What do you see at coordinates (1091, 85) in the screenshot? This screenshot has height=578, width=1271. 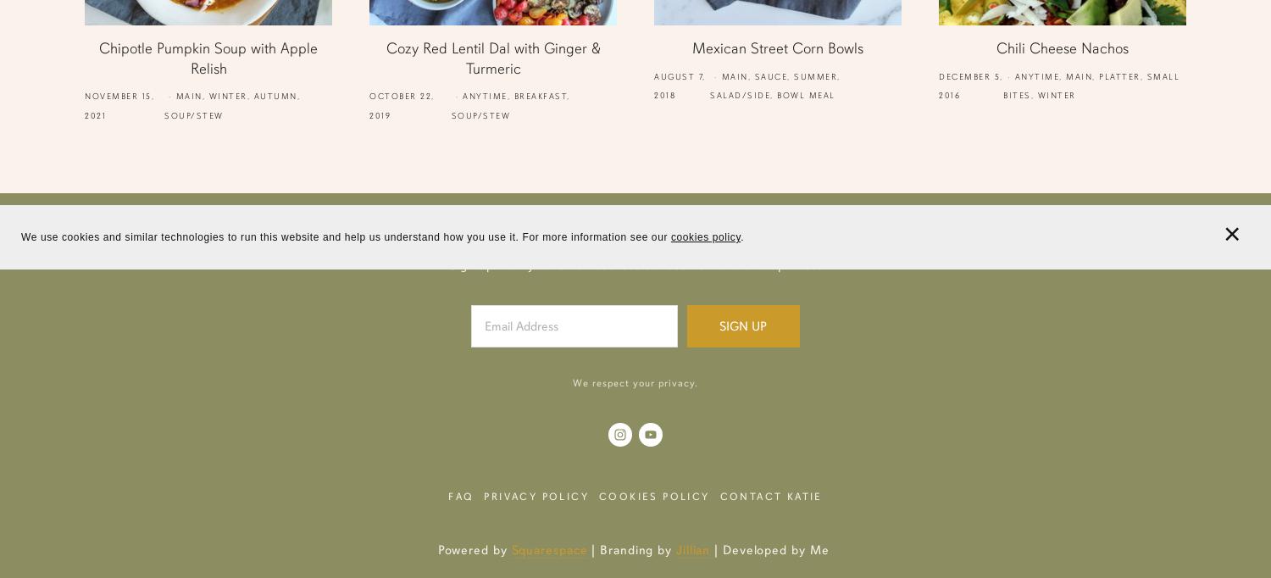 I see `'Small Bites'` at bounding box center [1091, 85].